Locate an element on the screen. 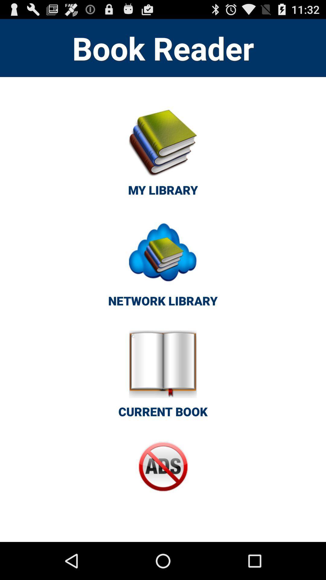 Image resolution: width=326 pixels, height=580 pixels. button above the current book button is located at coordinates (162, 266).